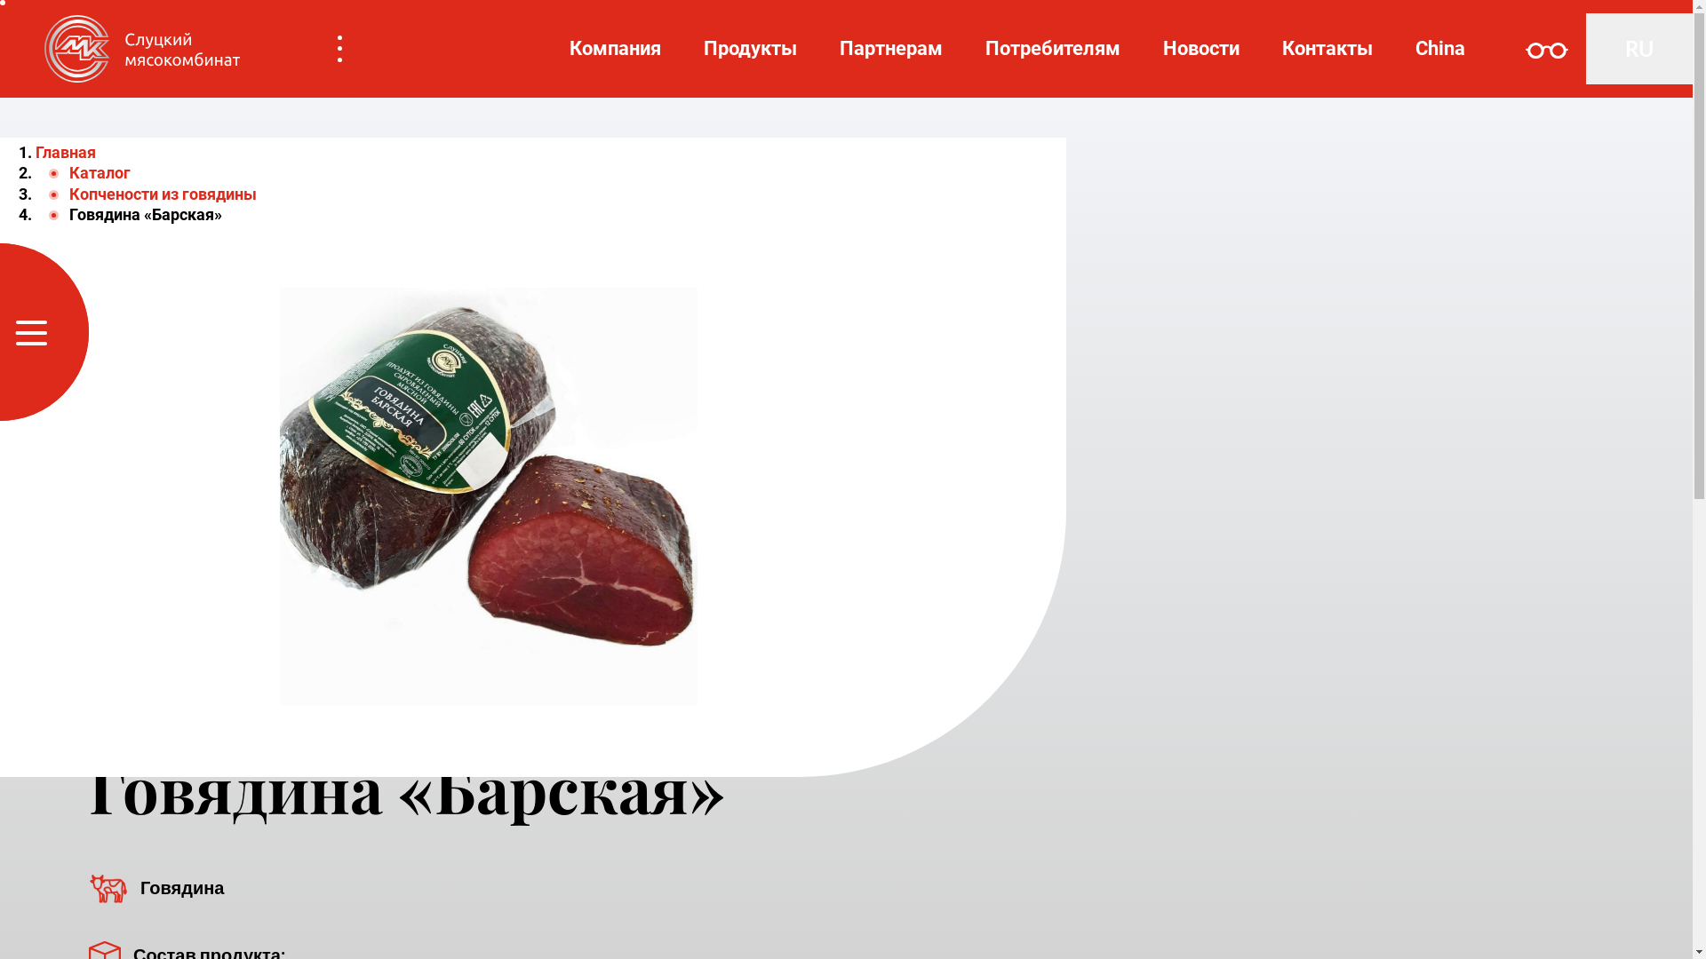  What do you see at coordinates (1586, 47) in the screenshot?
I see `'RU'` at bounding box center [1586, 47].